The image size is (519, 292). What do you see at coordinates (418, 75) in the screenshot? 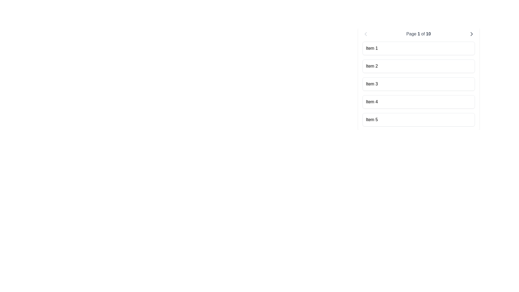
I see `the vertically scrollable list located in the top-right region of the interface` at bounding box center [418, 75].